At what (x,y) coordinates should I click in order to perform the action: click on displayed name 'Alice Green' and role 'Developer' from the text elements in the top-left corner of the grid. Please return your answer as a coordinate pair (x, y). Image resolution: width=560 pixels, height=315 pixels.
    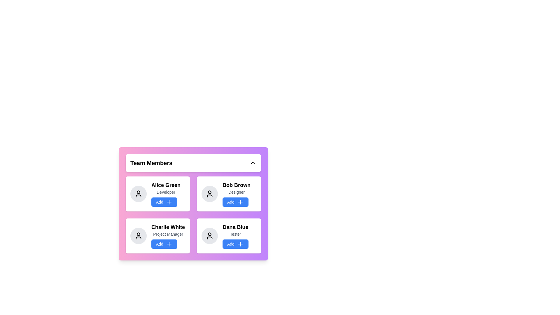
    Looking at the image, I should click on (166, 194).